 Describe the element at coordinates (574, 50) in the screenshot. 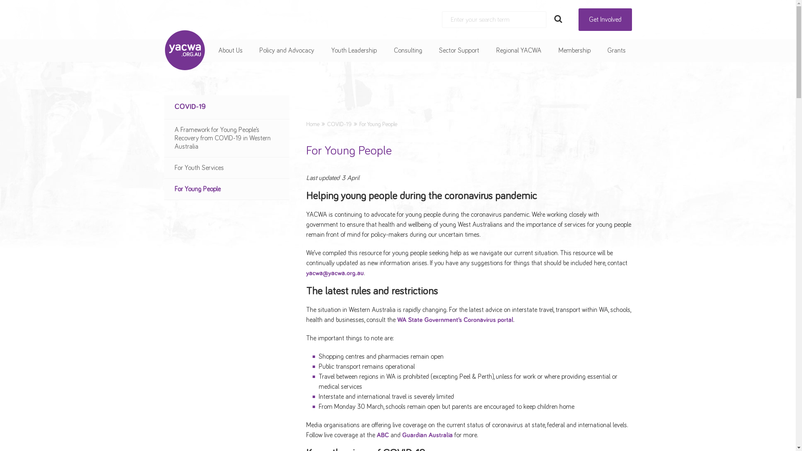

I see `'Membership'` at that location.